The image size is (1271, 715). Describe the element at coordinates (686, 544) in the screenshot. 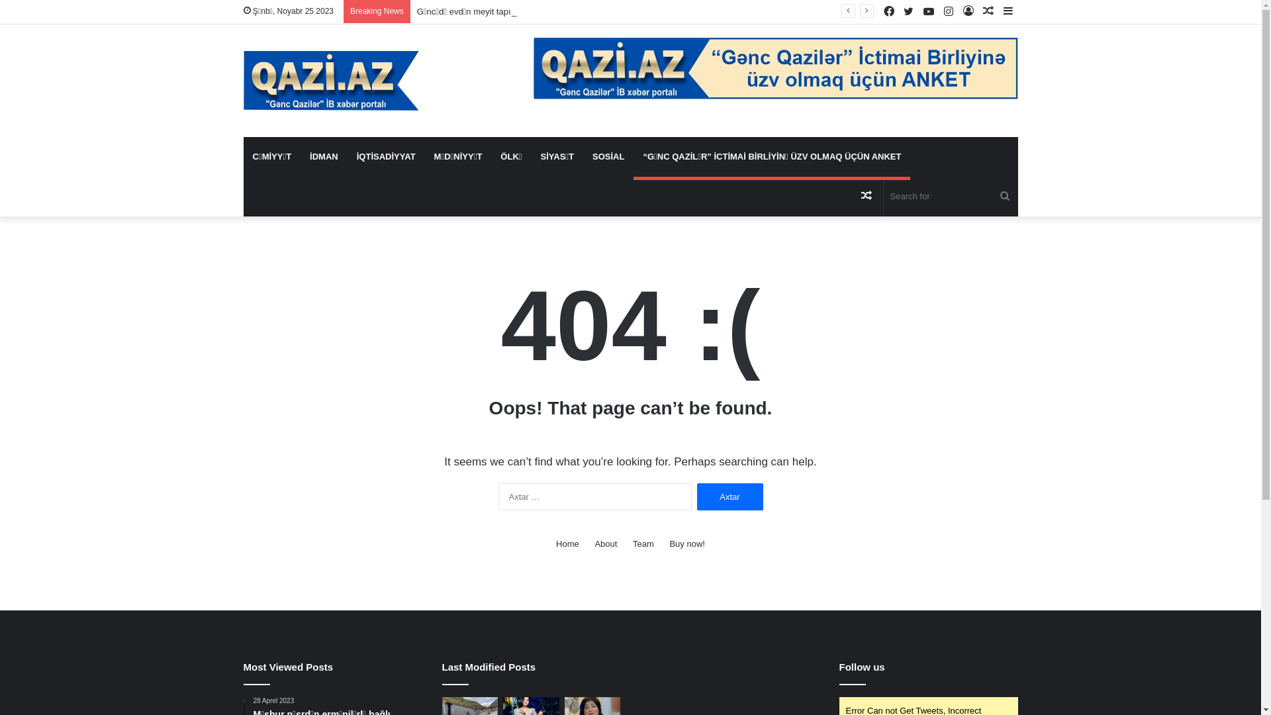

I see `'Buy now!'` at that location.